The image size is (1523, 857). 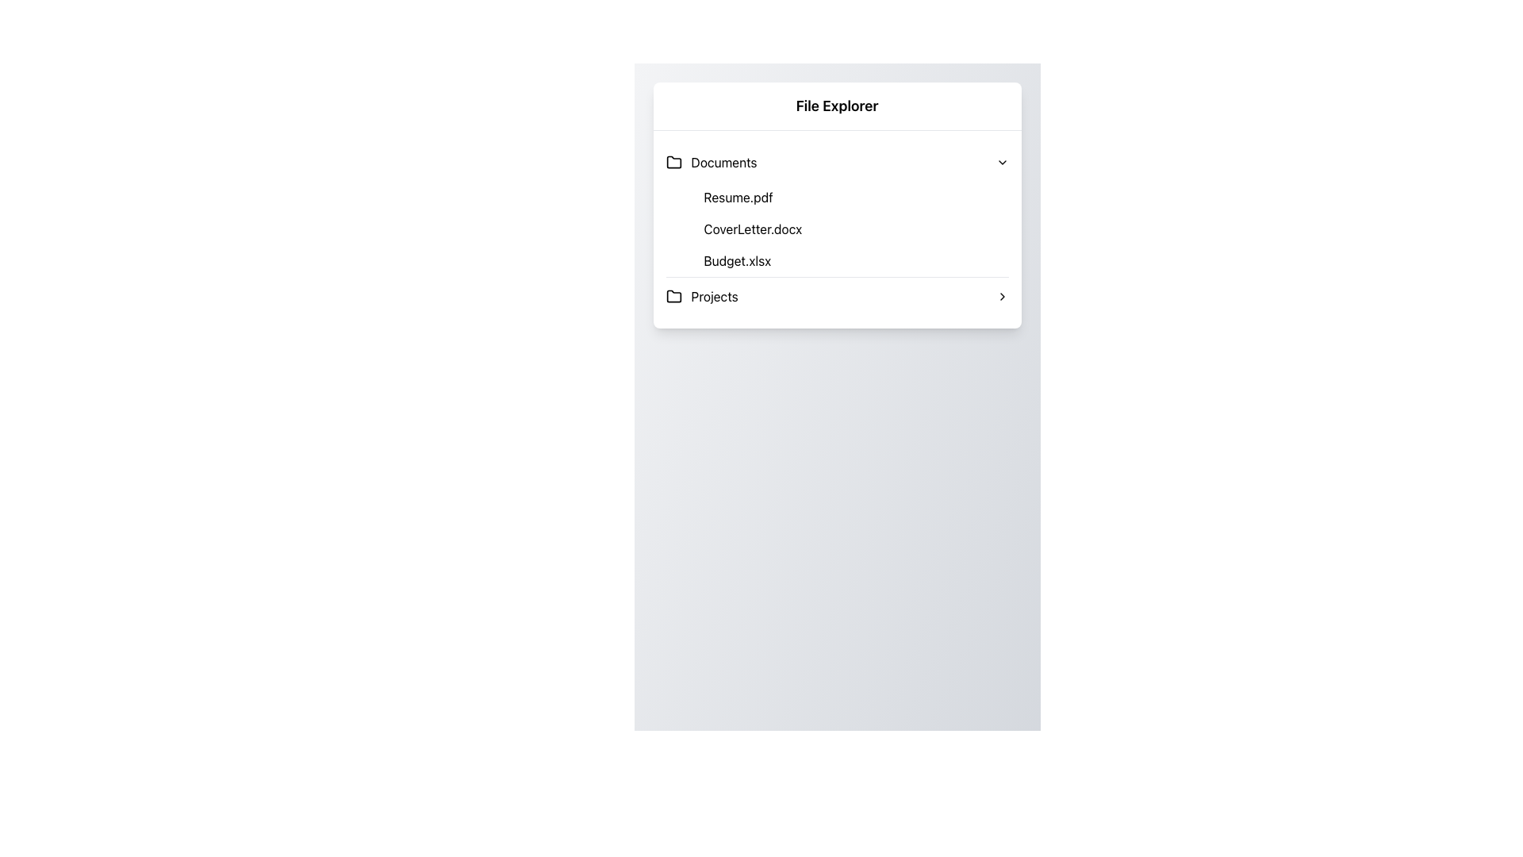 I want to click on the 'Documents' folder icon located at the uppermost position in the left margin of the file explorer, so click(x=673, y=162).